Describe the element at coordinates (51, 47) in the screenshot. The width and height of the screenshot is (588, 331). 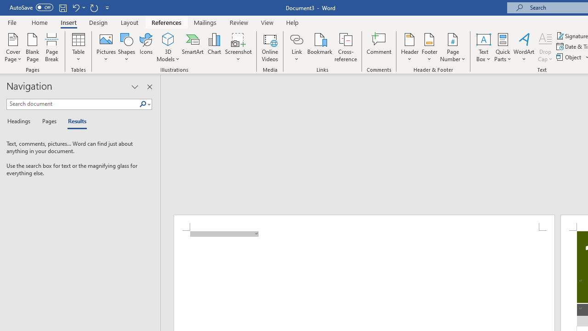
I see `'Page Break'` at that location.